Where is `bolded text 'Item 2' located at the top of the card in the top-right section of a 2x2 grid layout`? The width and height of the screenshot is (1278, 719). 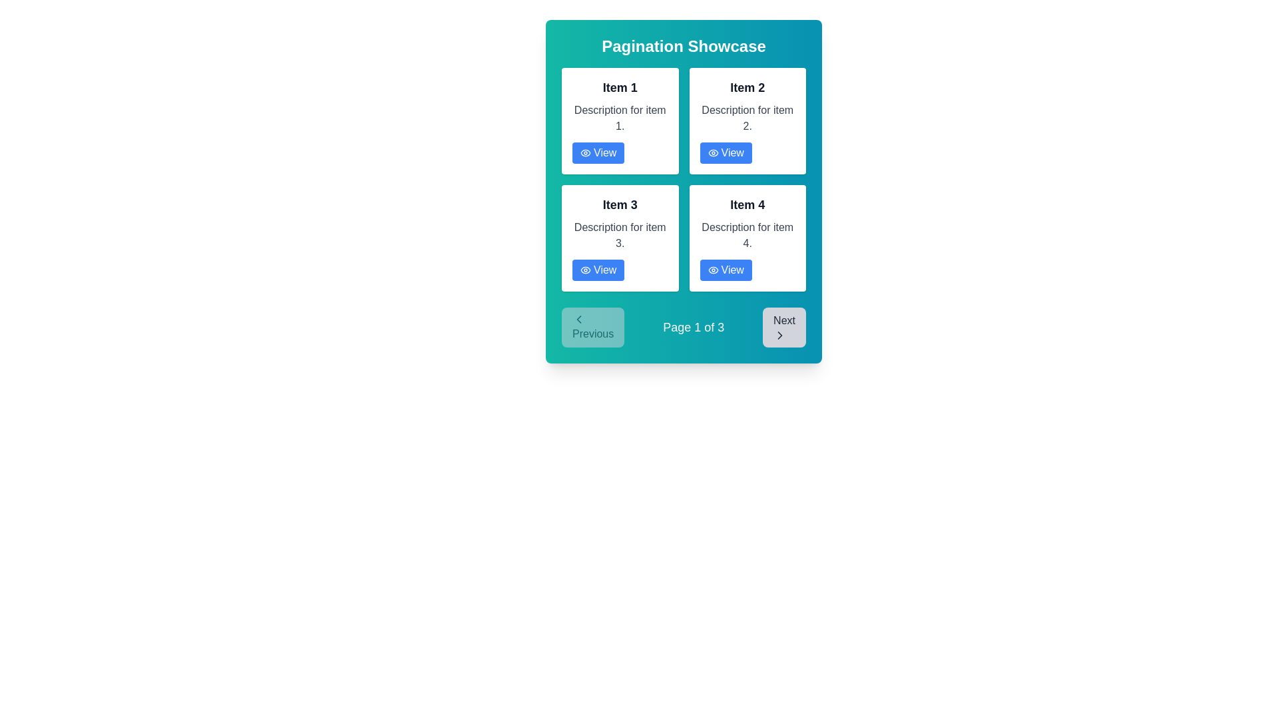
bolded text 'Item 2' located at the top of the card in the top-right section of a 2x2 grid layout is located at coordinates (747, 87).